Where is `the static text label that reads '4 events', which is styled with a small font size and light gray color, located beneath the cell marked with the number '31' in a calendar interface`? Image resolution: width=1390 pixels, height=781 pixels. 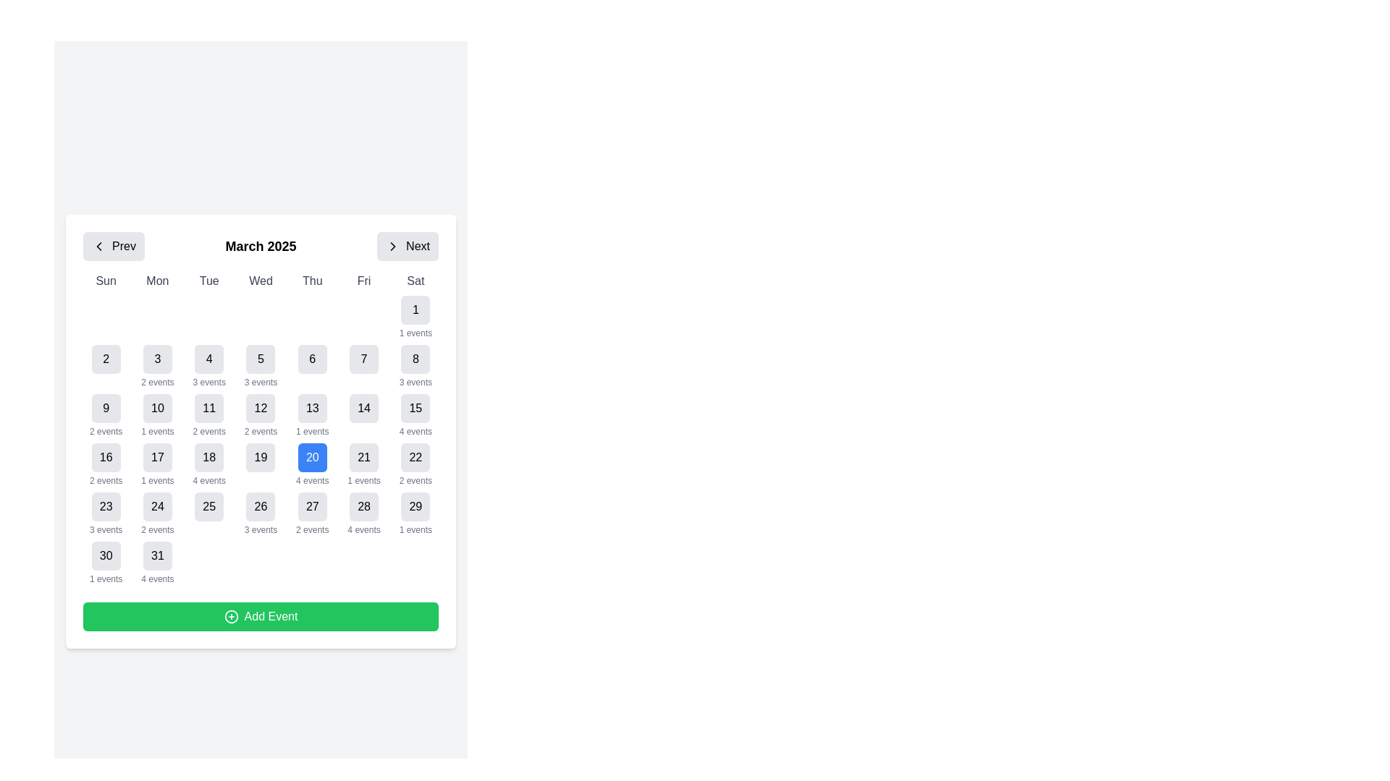 the static text label that reads '4 events', which is styled with a small font size and light gray color, located beneath the cell marked with the number '31' in a calendar interface is located at coordinates (157, 579).